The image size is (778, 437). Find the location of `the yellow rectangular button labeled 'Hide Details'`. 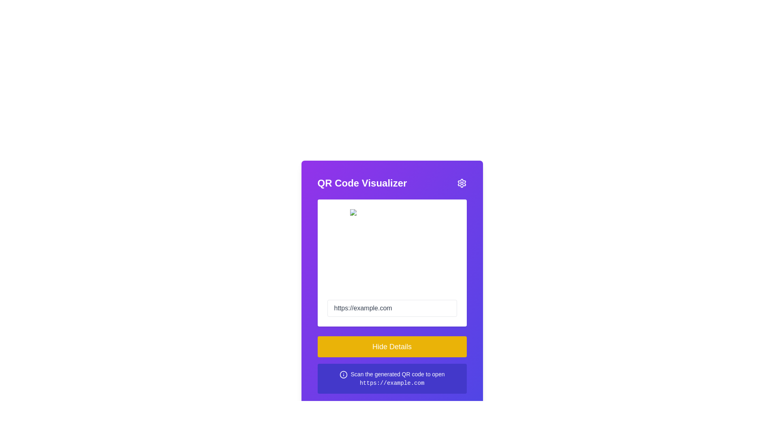

the yellow rectangular button labeled 'Hide Details' is located at coordinates (392, 346).